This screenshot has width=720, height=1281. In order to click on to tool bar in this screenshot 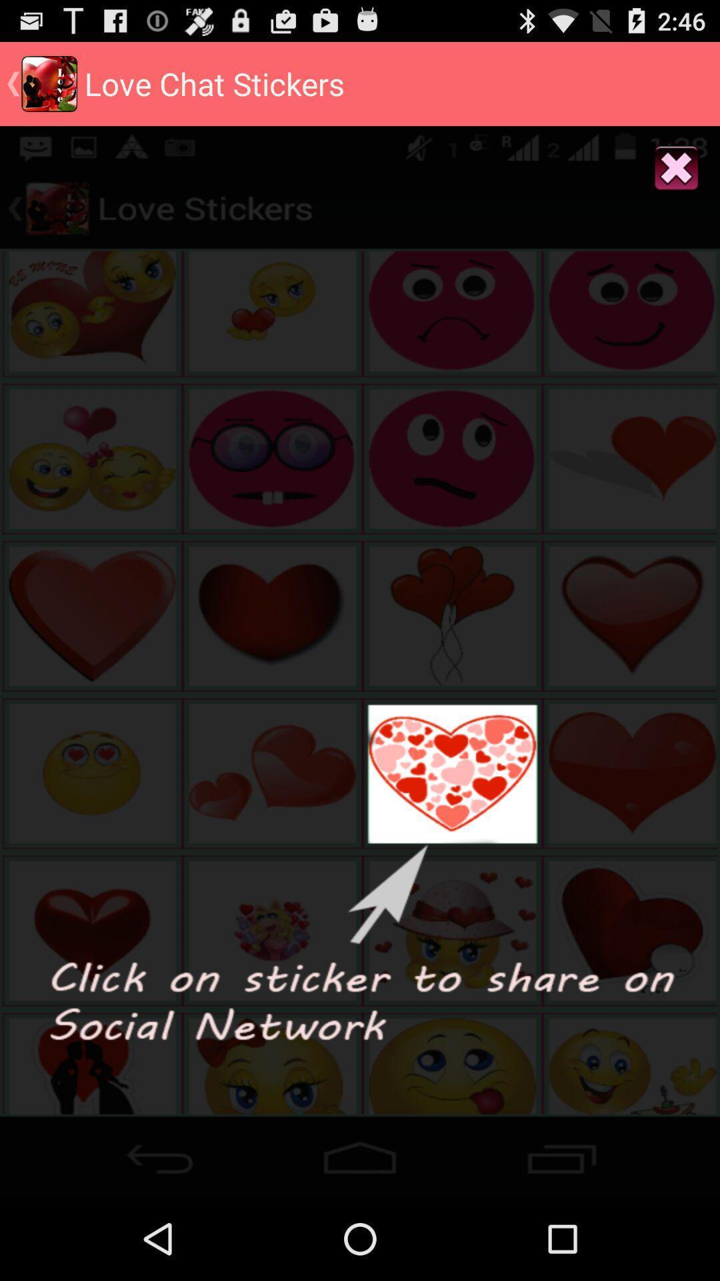, I will do `click(360, 1152)`.